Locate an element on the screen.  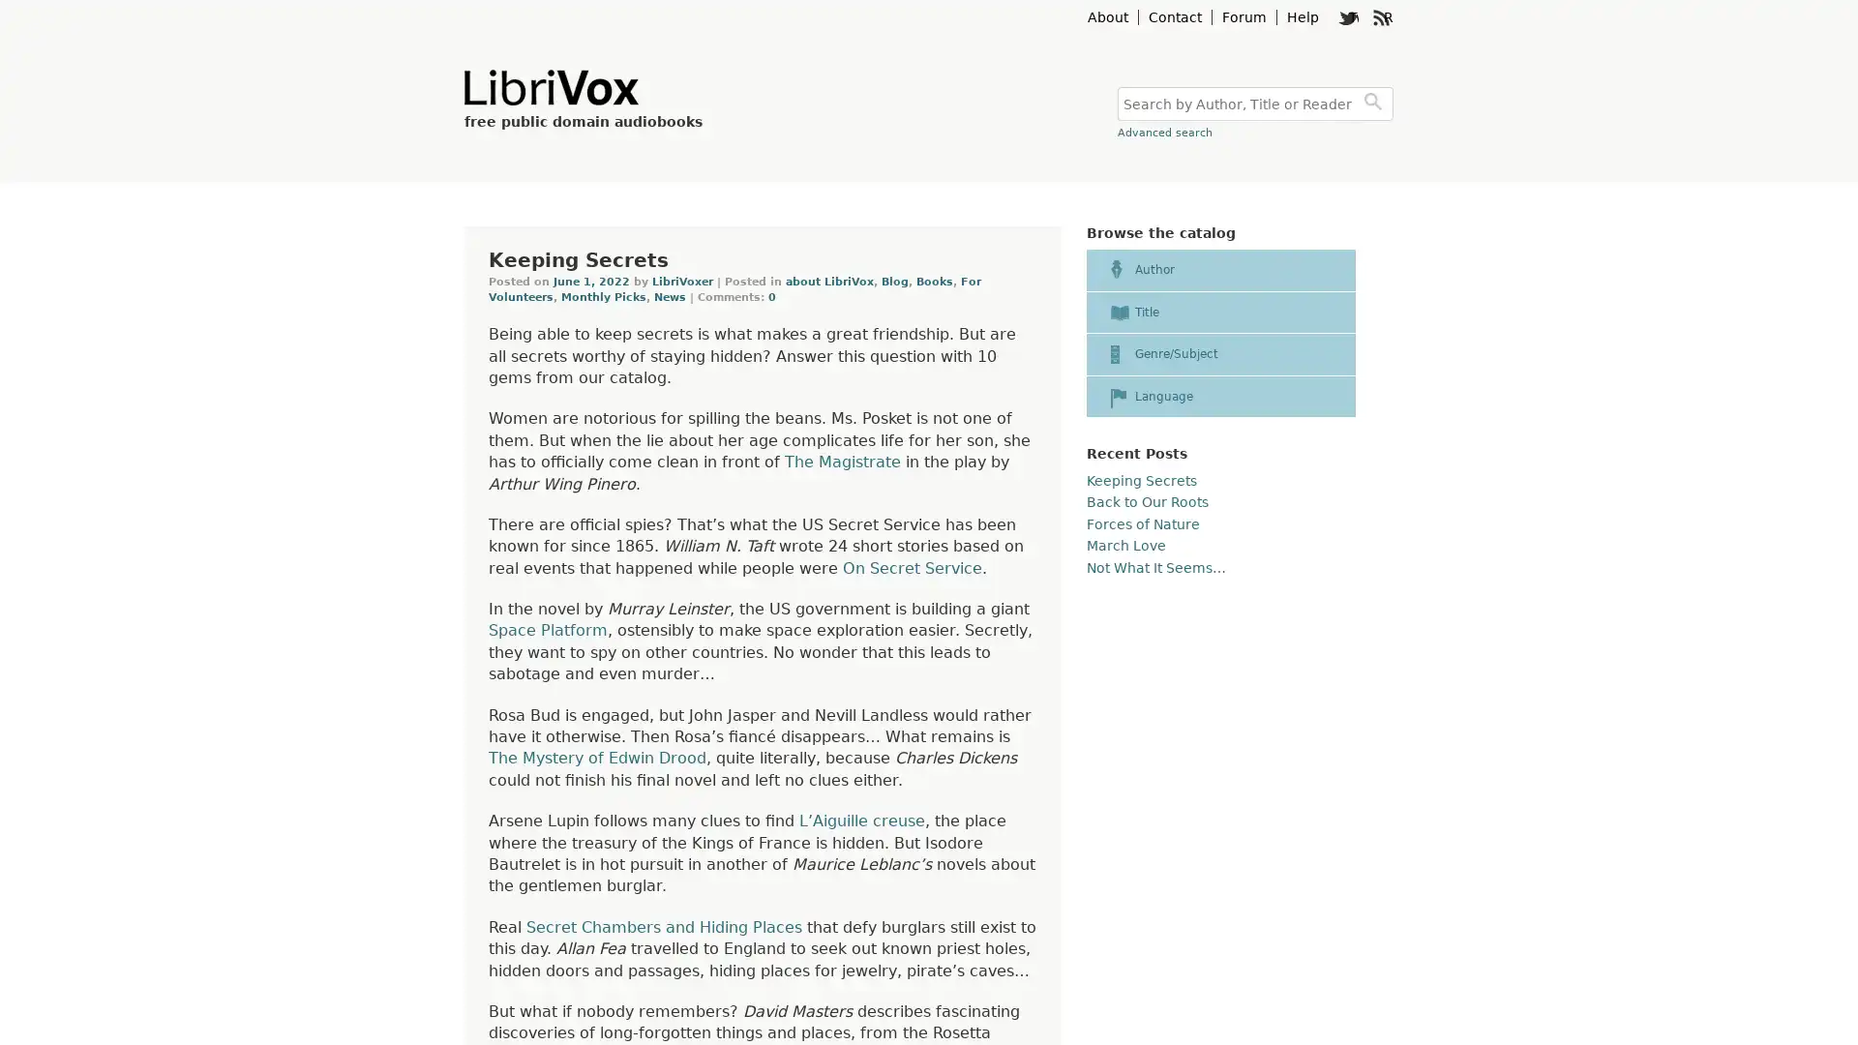
Search is located at coordinates (1375, 104).